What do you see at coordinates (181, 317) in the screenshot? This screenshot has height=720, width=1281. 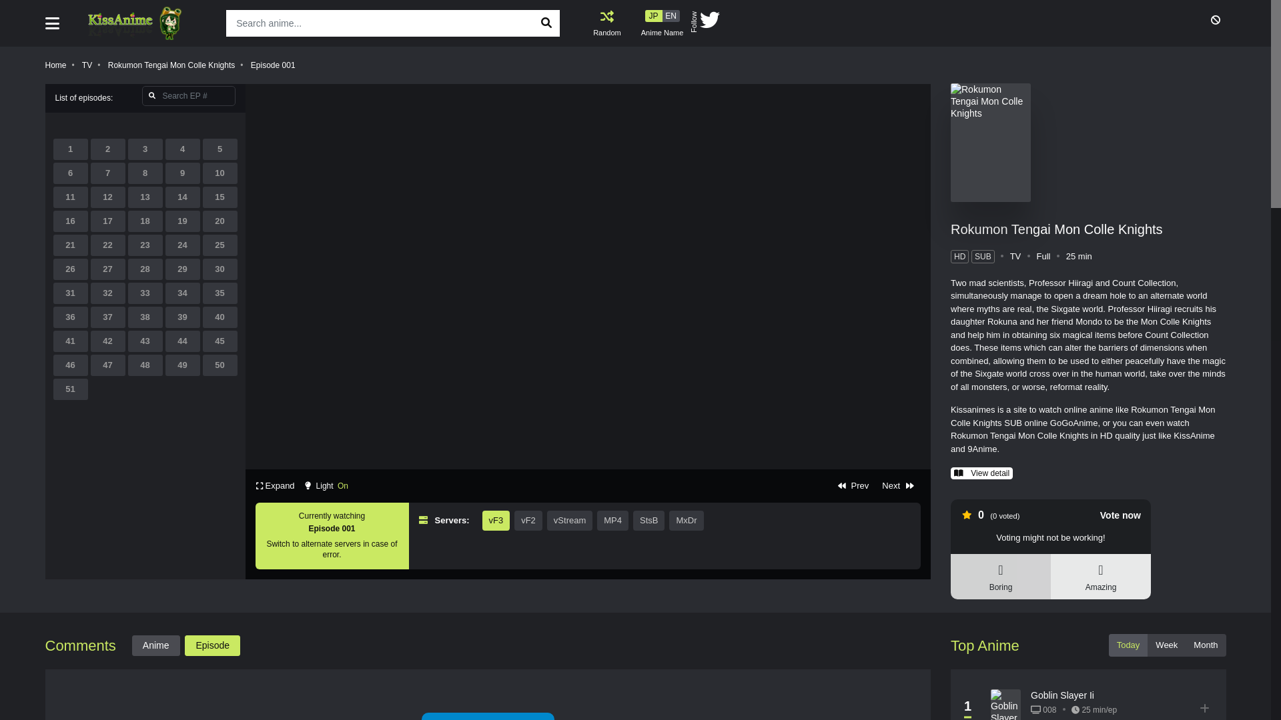 I see `'39'` at bounding box center [181, 317].